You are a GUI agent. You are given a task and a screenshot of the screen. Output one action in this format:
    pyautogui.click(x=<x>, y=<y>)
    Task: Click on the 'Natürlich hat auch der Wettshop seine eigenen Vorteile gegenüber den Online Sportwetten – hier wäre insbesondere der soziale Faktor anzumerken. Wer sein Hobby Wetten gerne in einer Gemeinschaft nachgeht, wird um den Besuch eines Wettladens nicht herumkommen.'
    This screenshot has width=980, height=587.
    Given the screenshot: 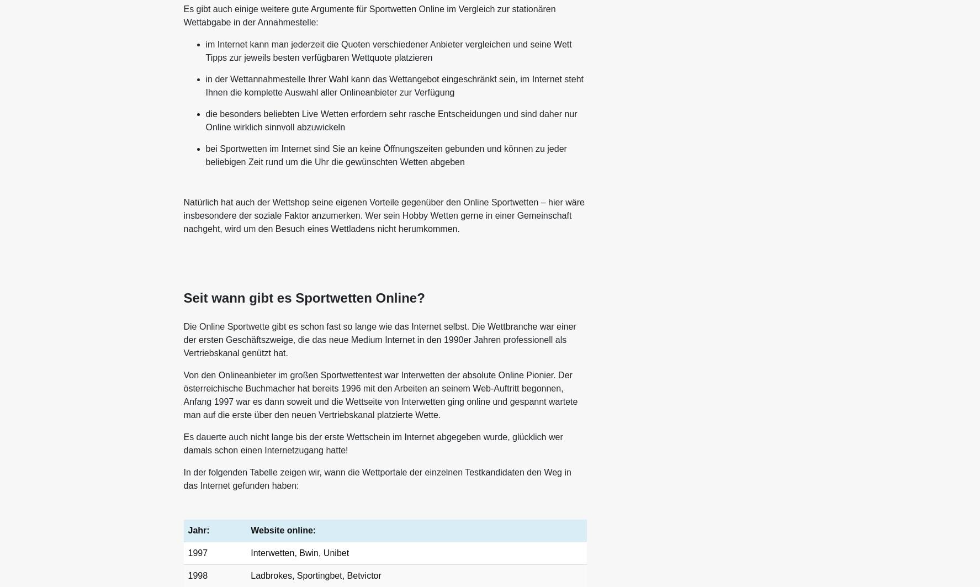 What is the action you would take?
    pyautogui.click(x=383, y=215)
    